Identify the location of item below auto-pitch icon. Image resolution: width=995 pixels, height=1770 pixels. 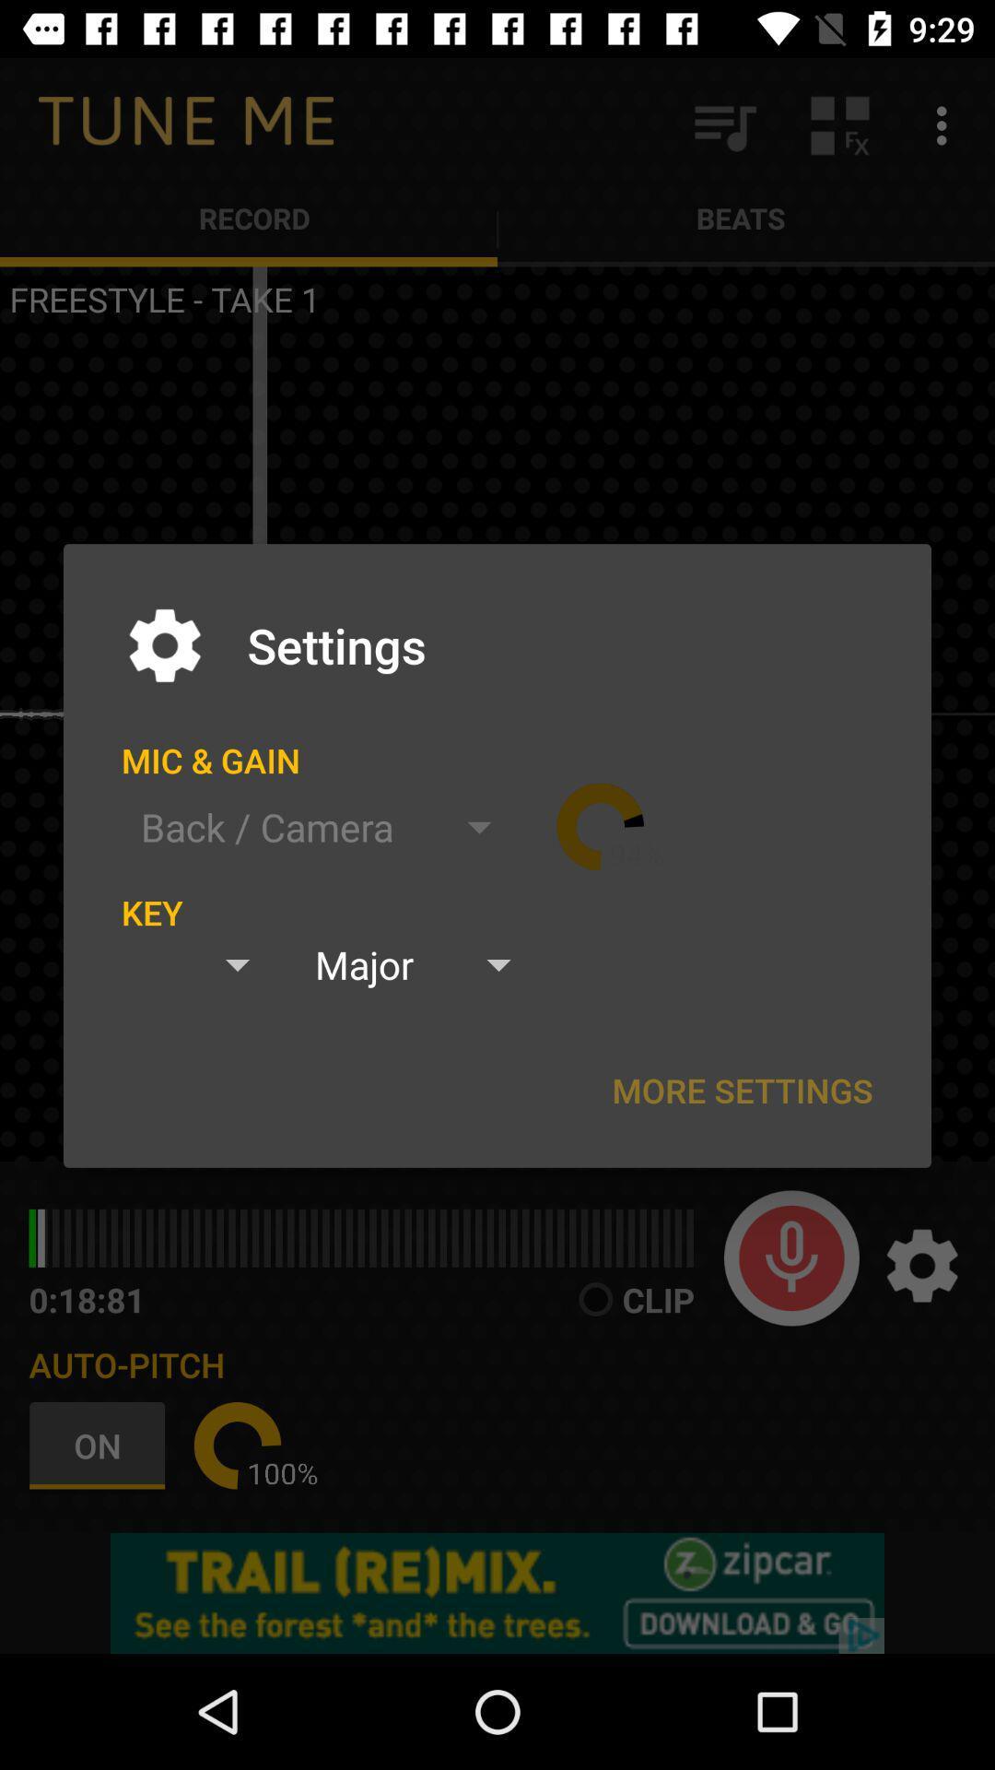
(237, 1445).